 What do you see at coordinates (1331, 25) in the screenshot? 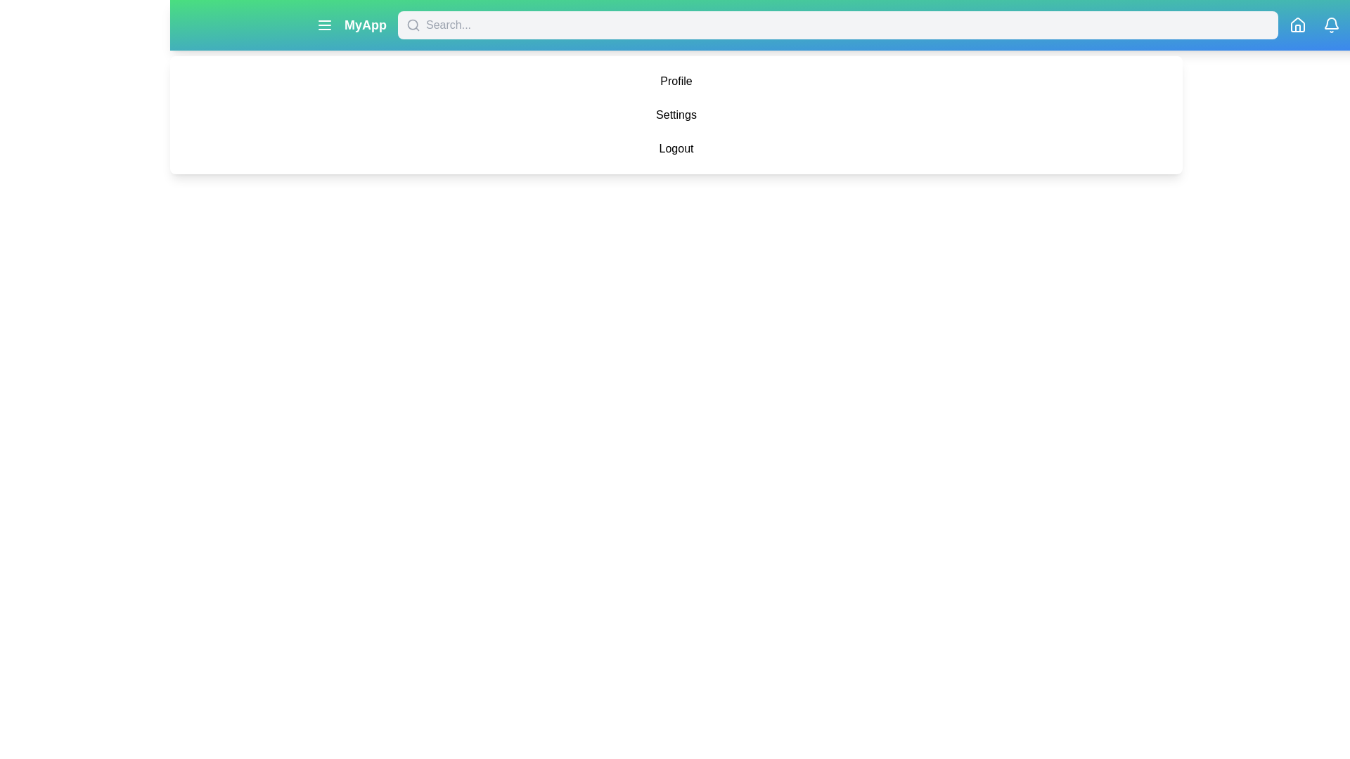
I see `the notification bell icon located at the top-right corner of the navigation header, which changes to light gray when hovered over` at bounding box center [1331, 25].